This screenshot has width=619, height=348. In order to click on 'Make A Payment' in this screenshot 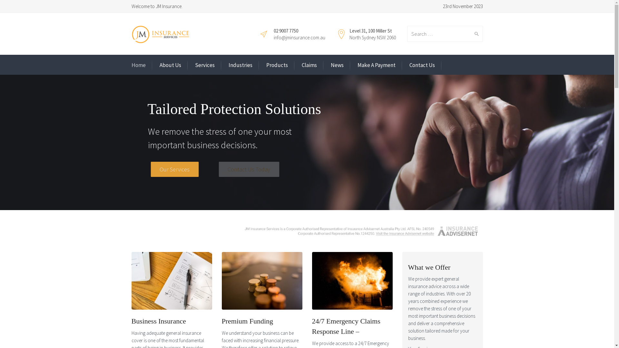, I will do `click(376, 65)`.